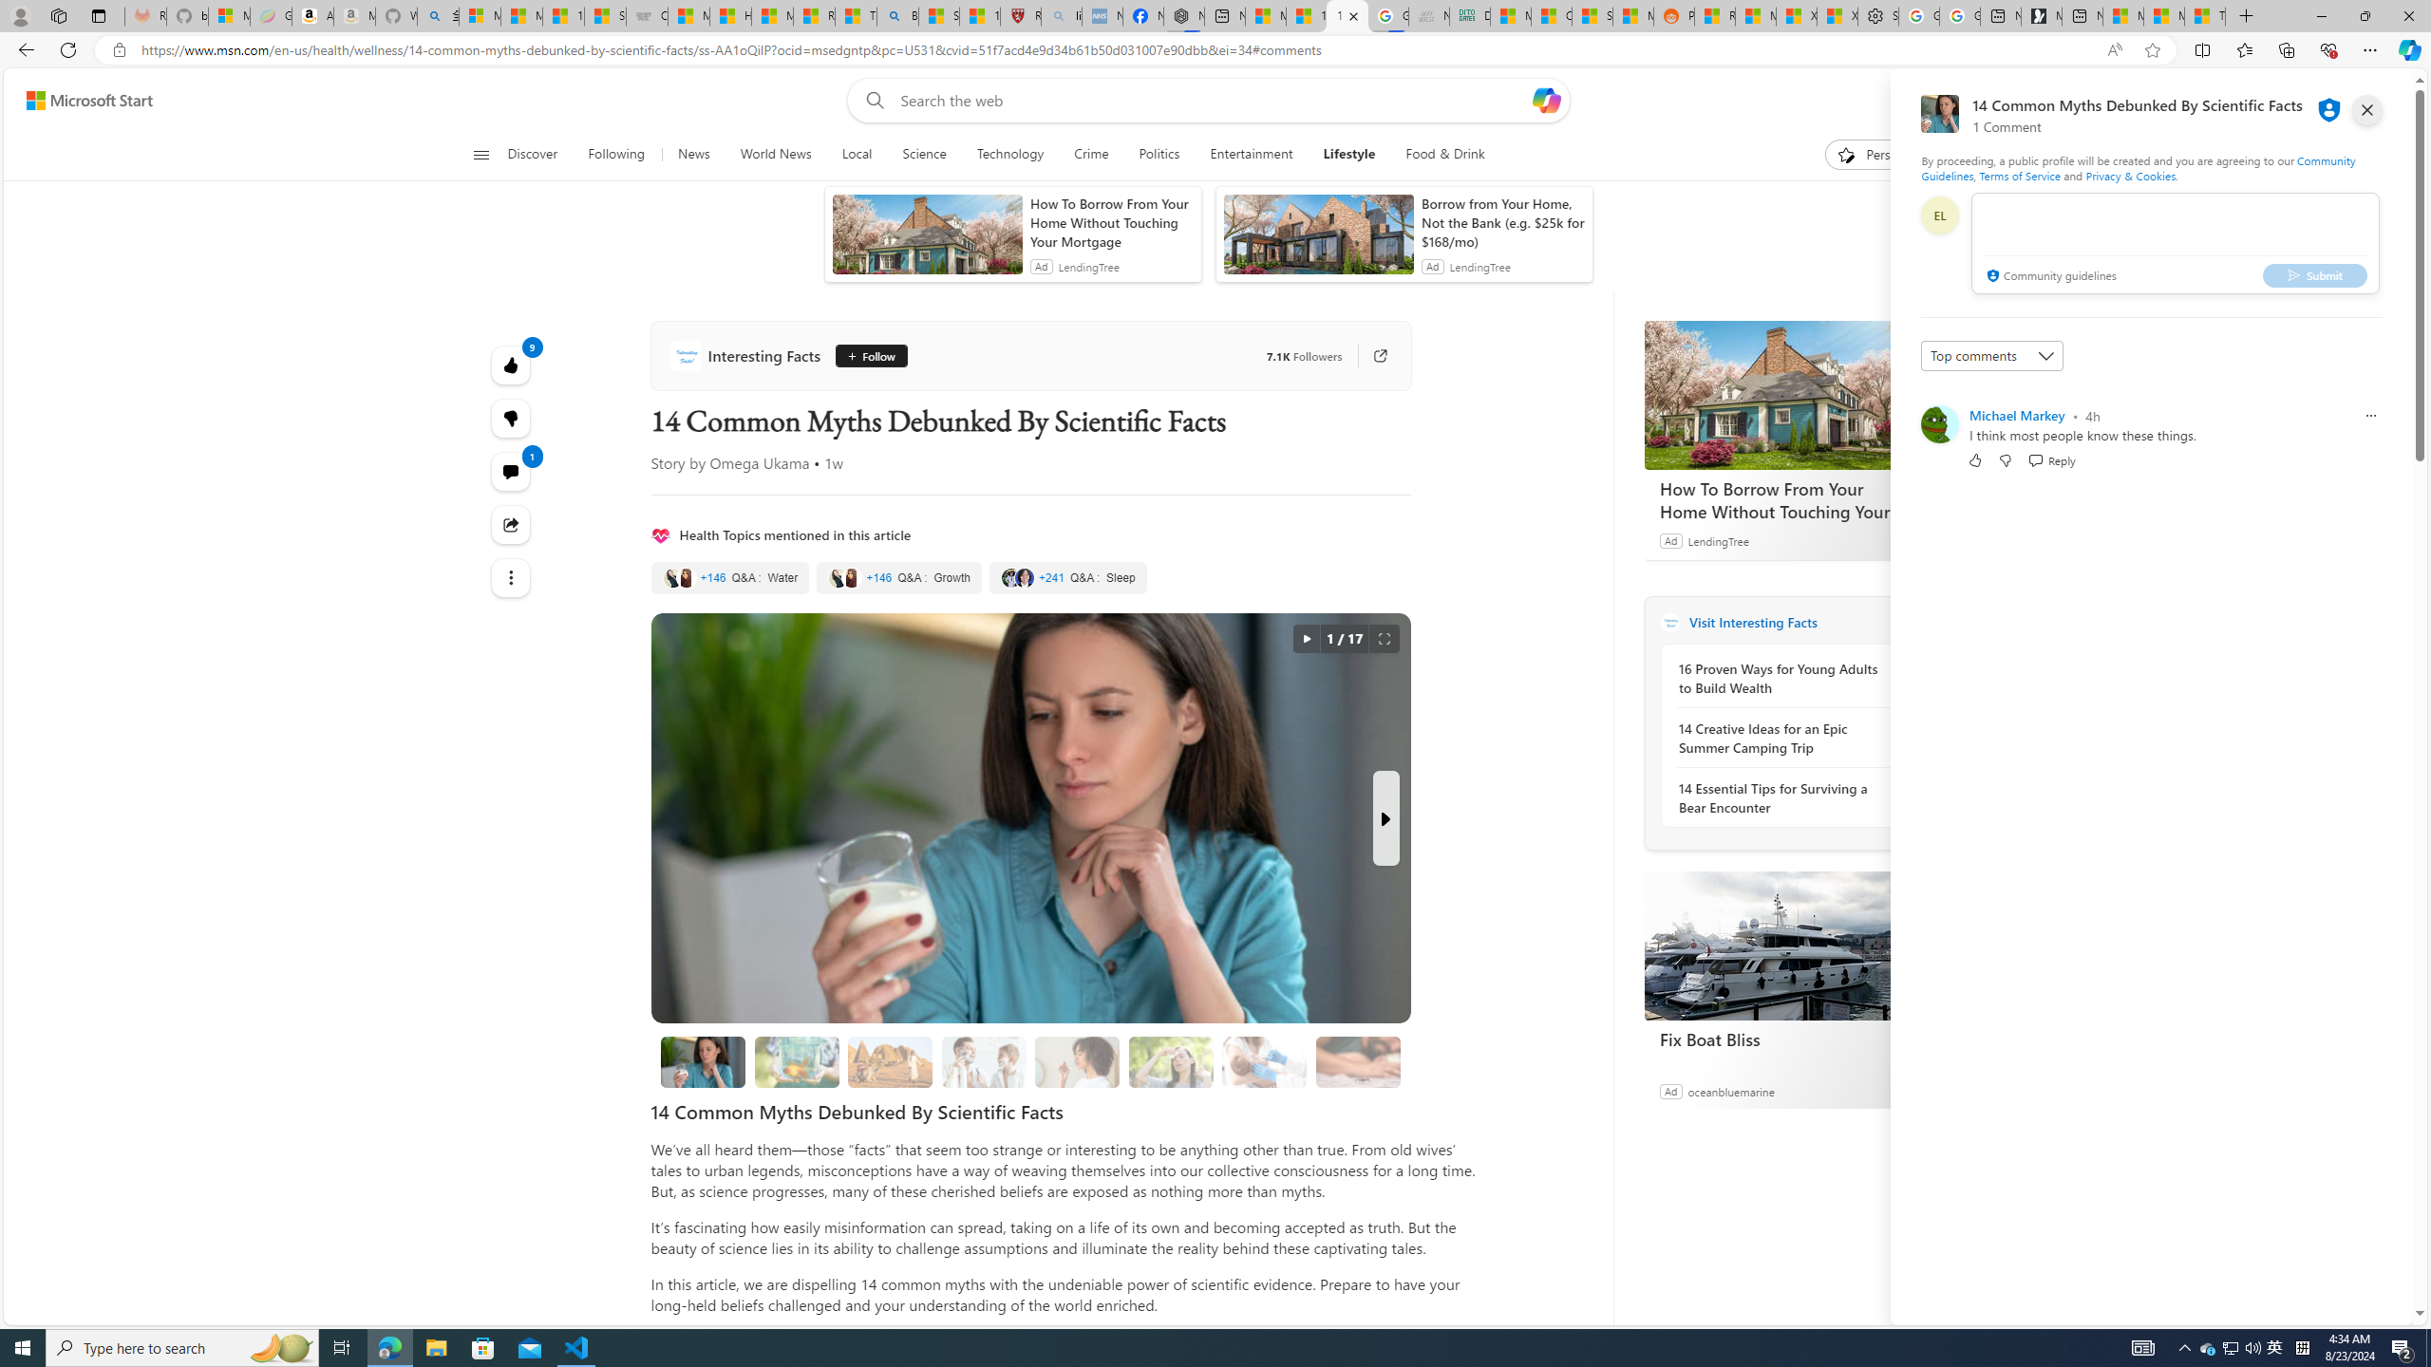 The width and height of the screenshot is (2431, 1367). What do you see at coordinates (2203, 15) in the screenshot?
I see `'These 3 Stocks Pay You More Than 5% to Own Them'` at bounding box center [2203, 15].